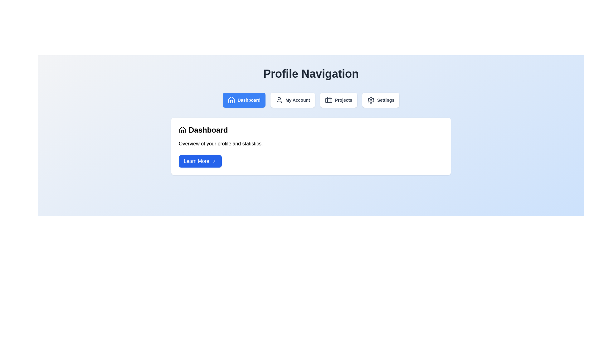  What do you see at coordinates (182, 129) in the screenshot?
I see `the house icon, which is outlined in a minimalistic design and positioned to the left of the text 'Dashboard'` at bounding box center [182, 129].